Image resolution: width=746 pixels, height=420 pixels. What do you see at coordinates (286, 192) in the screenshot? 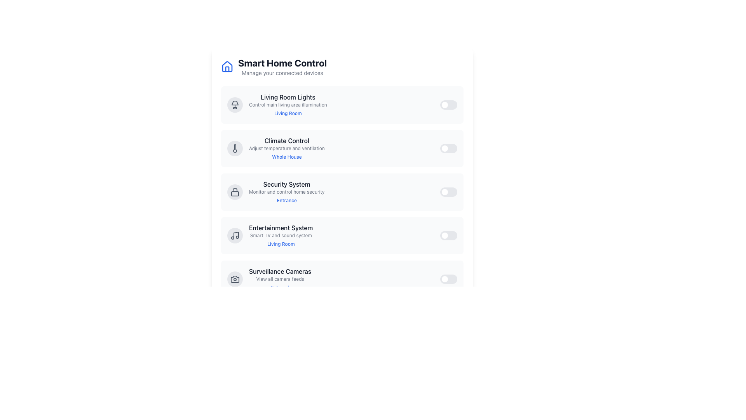
I see `the third item in the informational list that provides details about the security system of the smart home, located slightly right of the lock symbol icon` at bounding box center [286, 192].